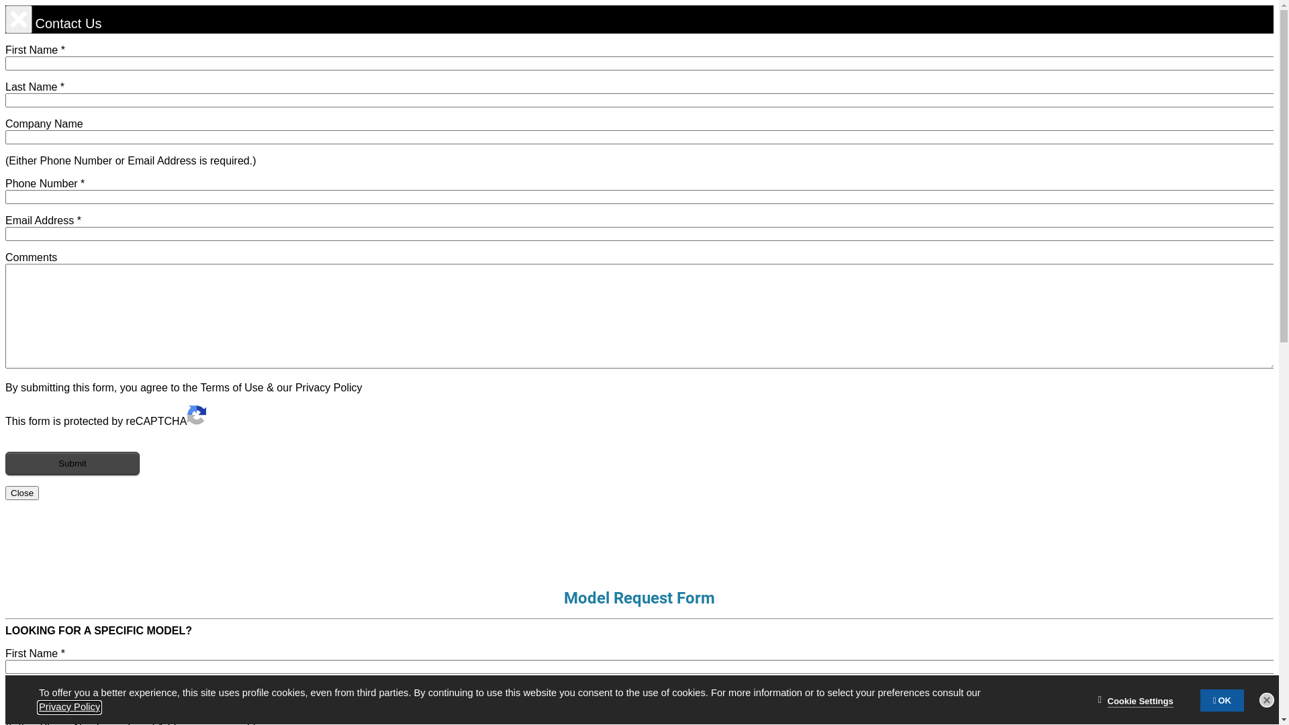 Image resolution: width=1289 pixels, height=725 pixels. What do you see at coordinates (232, 387) in the screenshot?
I see `'Terms of Use'` at bounding box center [232, 387].